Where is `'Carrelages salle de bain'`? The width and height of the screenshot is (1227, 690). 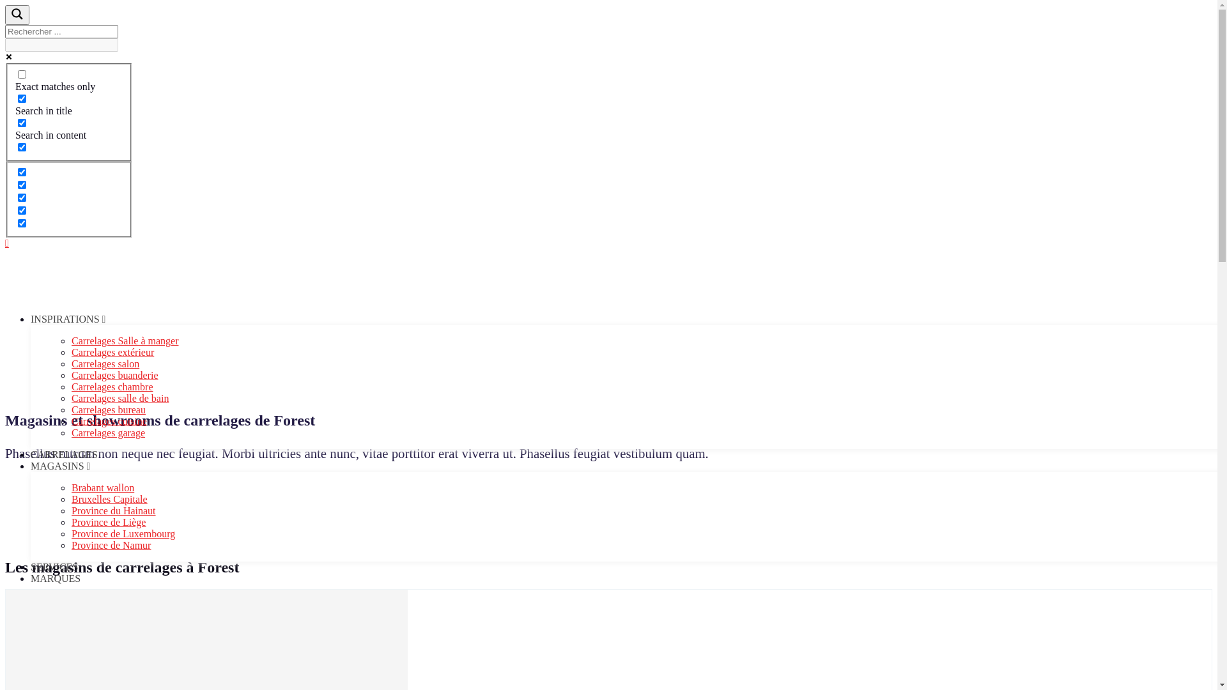
'Carrelages salle de bain' is located at coordinates (70, 397).